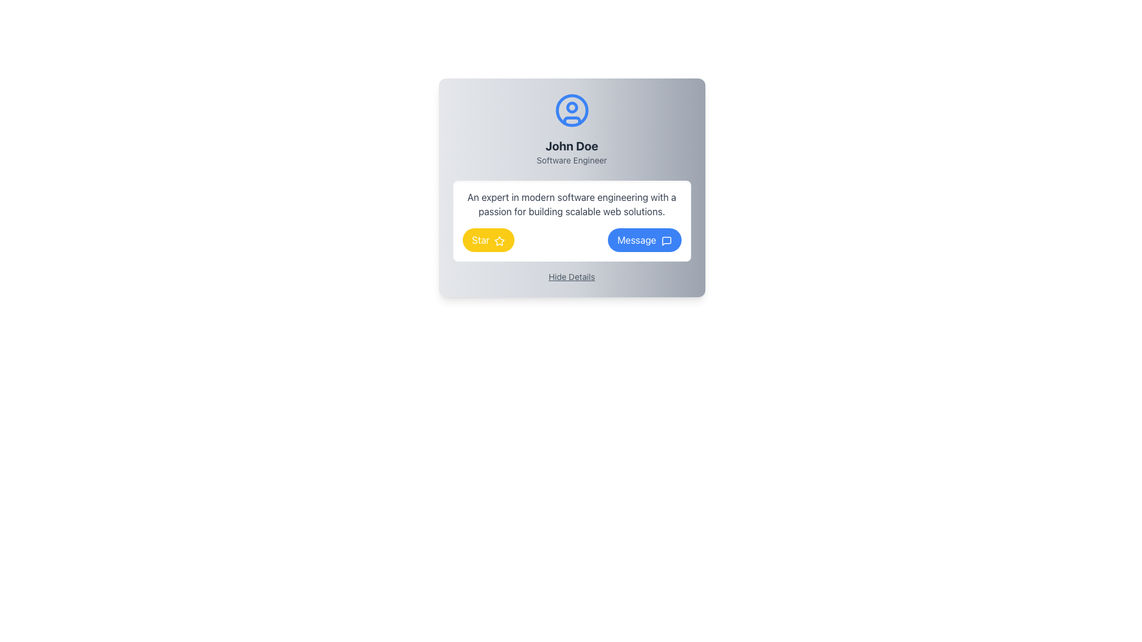 Image resolution: width=1142 pixels, height=642 pixels. What do you see at coordinates (572, 110) in the screenshot?
I see `the Decorative SVG Circle element, which is a round graphical component resembling a user icon, located at the top center of a user profile card` at bounding box center [572, 110].